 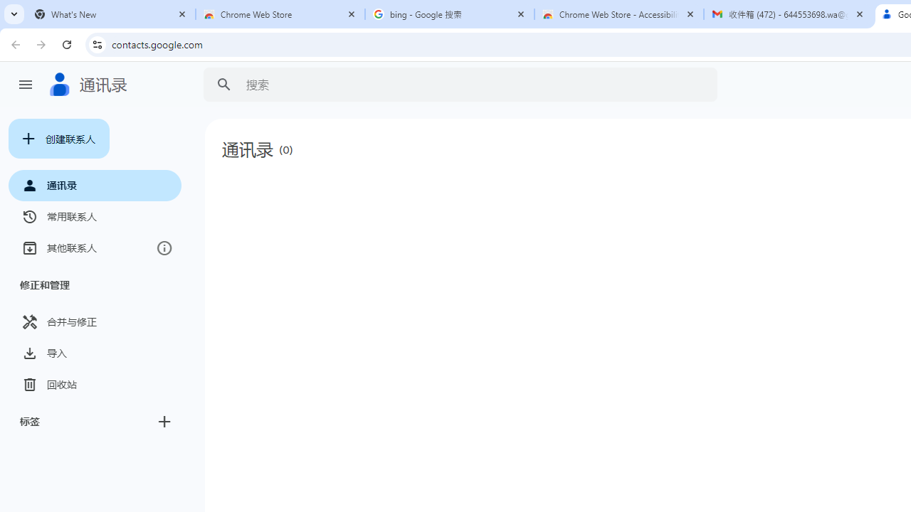 I want to click on 'What', so click(x=110, y=14).